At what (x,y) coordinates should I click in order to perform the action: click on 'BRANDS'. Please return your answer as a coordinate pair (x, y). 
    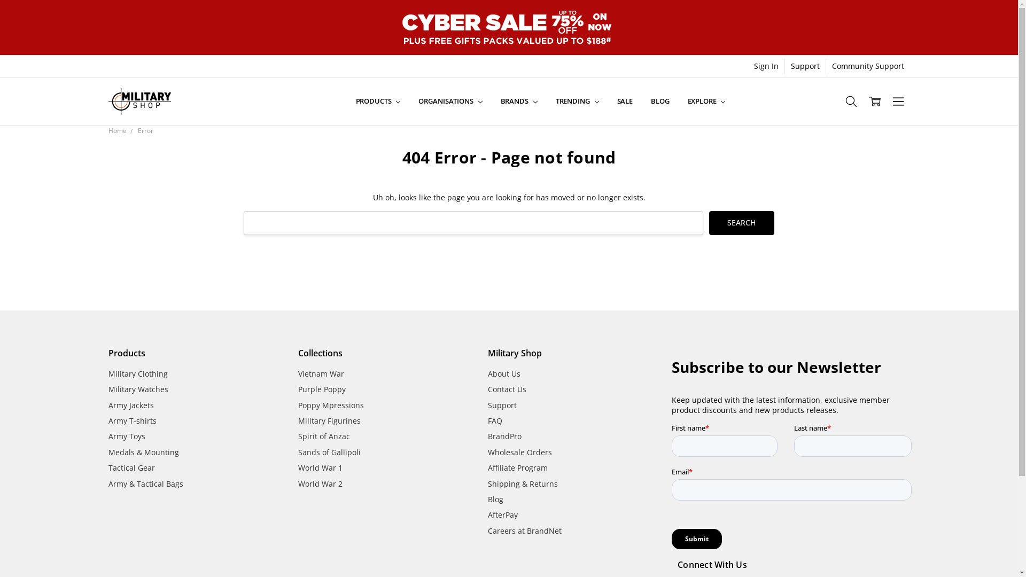
    Looking at the image, I should click on (519, 101).